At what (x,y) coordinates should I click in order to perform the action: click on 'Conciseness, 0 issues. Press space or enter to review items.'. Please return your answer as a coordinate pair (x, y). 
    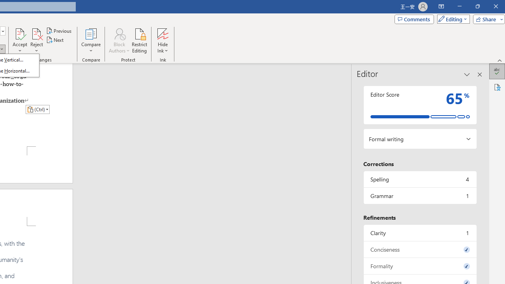
    Looking at the image, I should click on (419, 249).